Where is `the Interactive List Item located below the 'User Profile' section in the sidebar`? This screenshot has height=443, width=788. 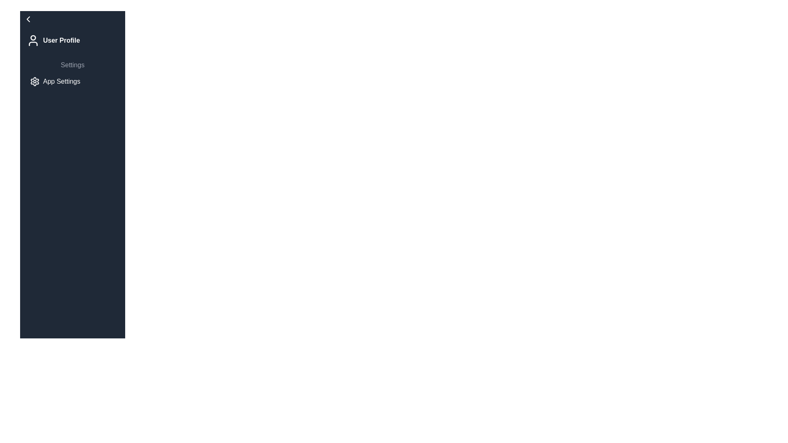
the Interactive List Item located below the 'User Profile' section in the sidebar is located at coordinates (73, 75).